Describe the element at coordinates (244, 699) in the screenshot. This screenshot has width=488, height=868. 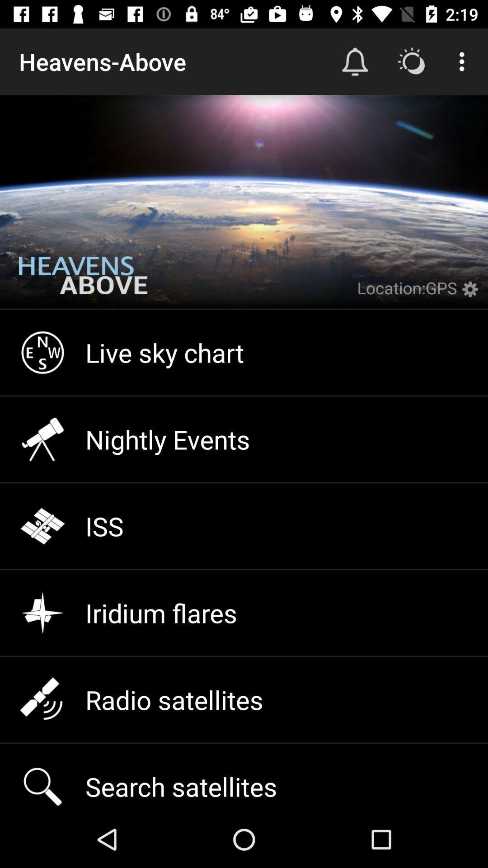
I see `the radio satellites icon` at that location.